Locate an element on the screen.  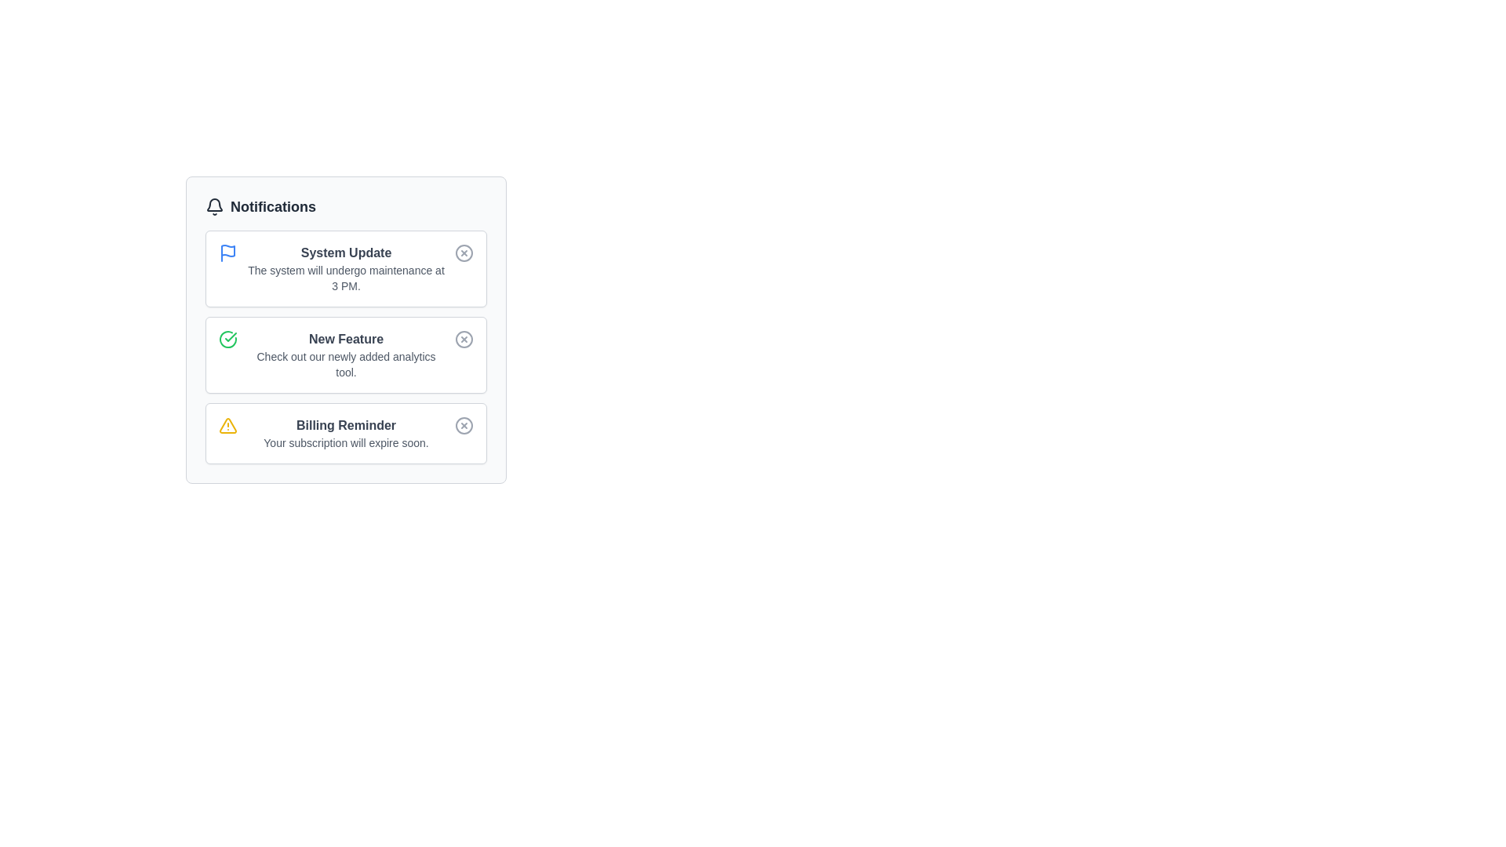
the dismiss button, a small circular icon with a gray outline and an 'X' mark inside, located at the upper-right corner of the 'New Feature' notification card is located at coordinates (463, 338).